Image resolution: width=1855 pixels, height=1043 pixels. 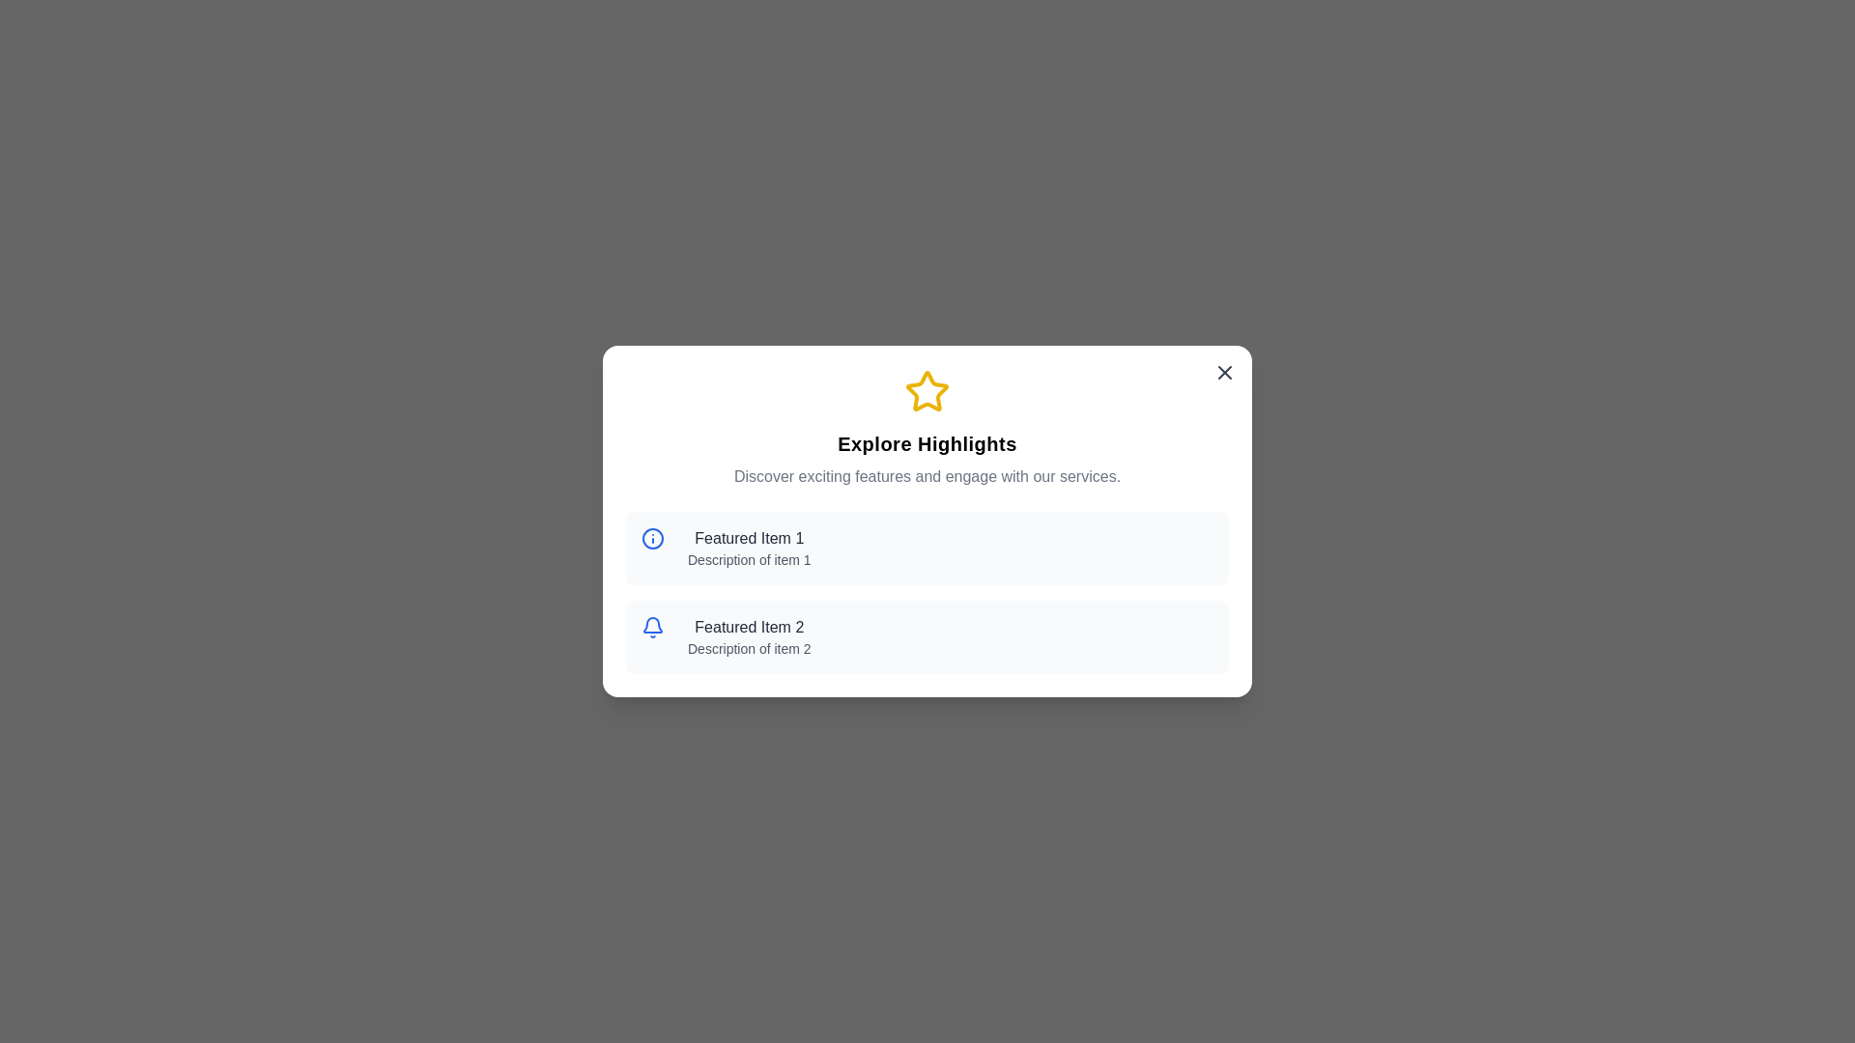 What do you see at coordinates (657, 543) in the screenshot?
I see `the icon associated with Featured Item 1` at bounding box center [657, 543].